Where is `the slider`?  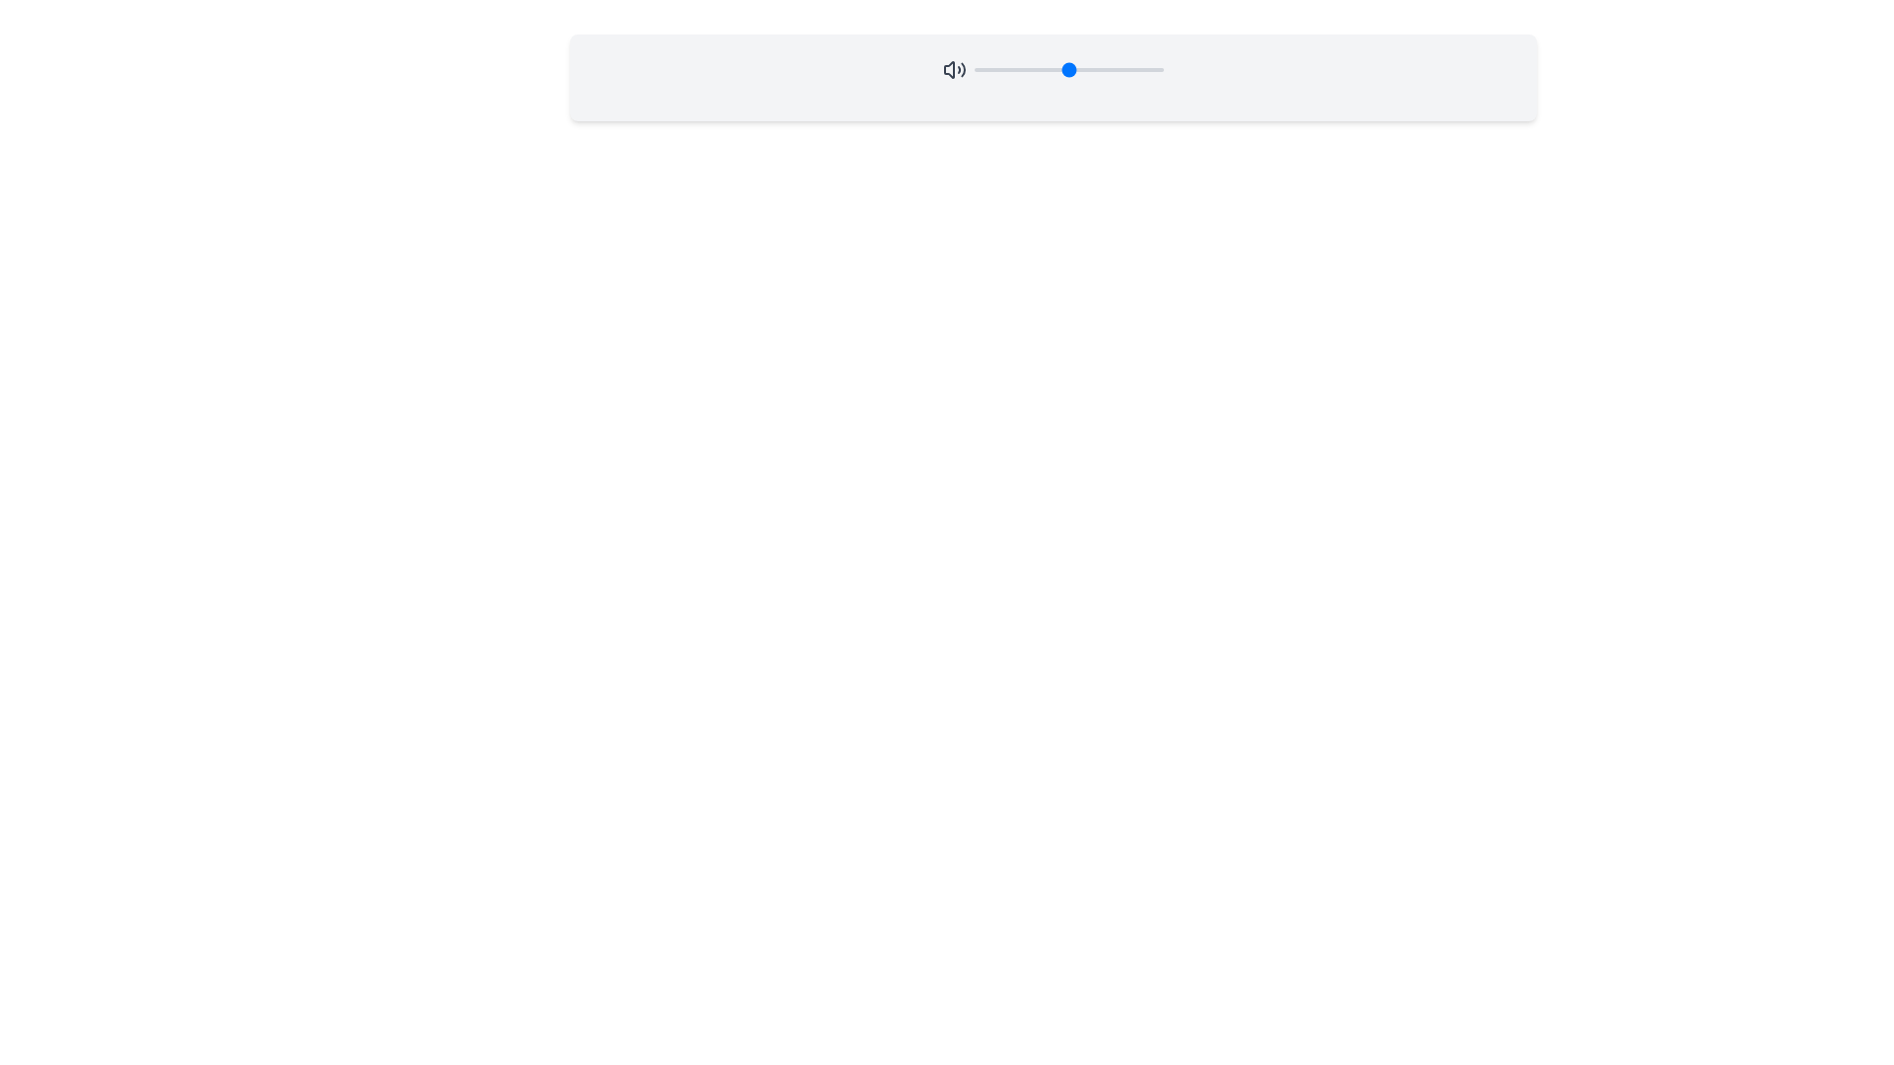 the slider is located at coordinates (1085, 68).